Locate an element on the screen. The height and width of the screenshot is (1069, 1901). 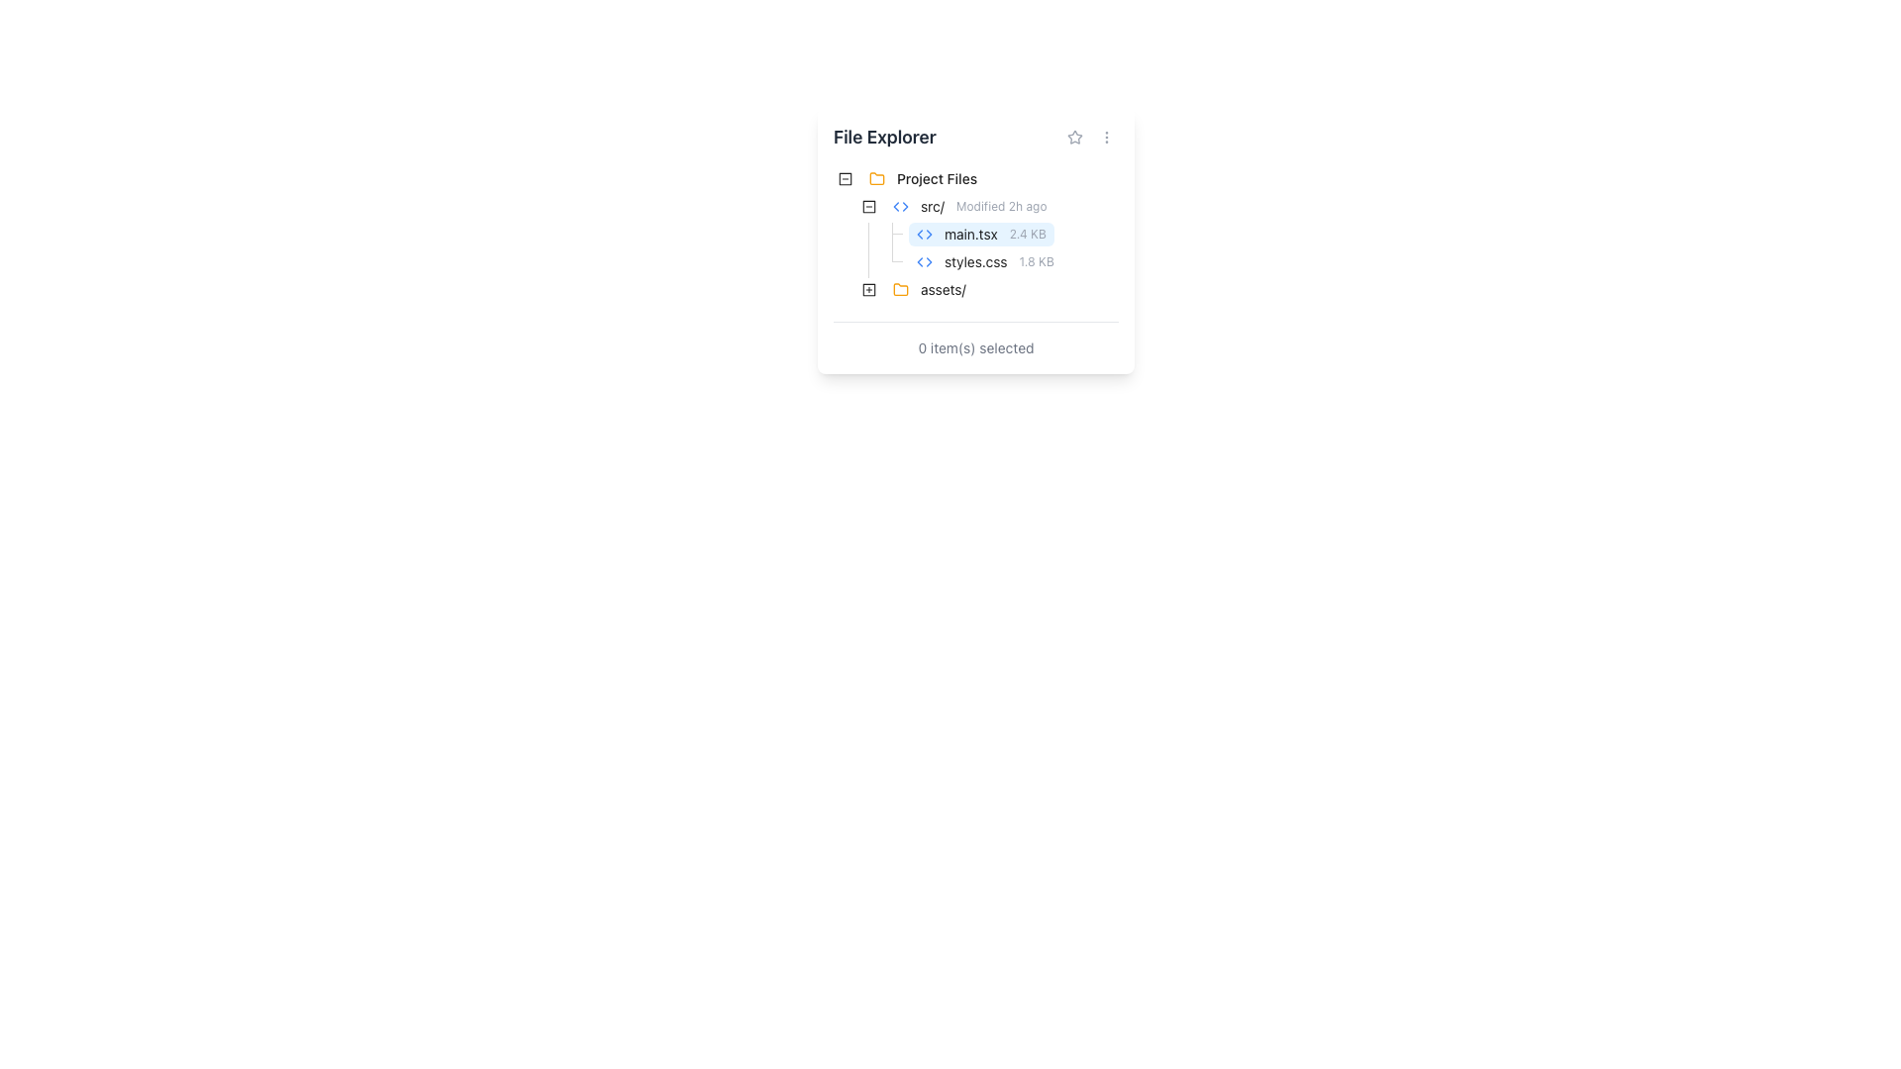
the star-shaped SVG icon located in the top-right corner of the file explorer widget, above the vertically aligned ellipsis menu icon is located at coordinates (1073, 136).